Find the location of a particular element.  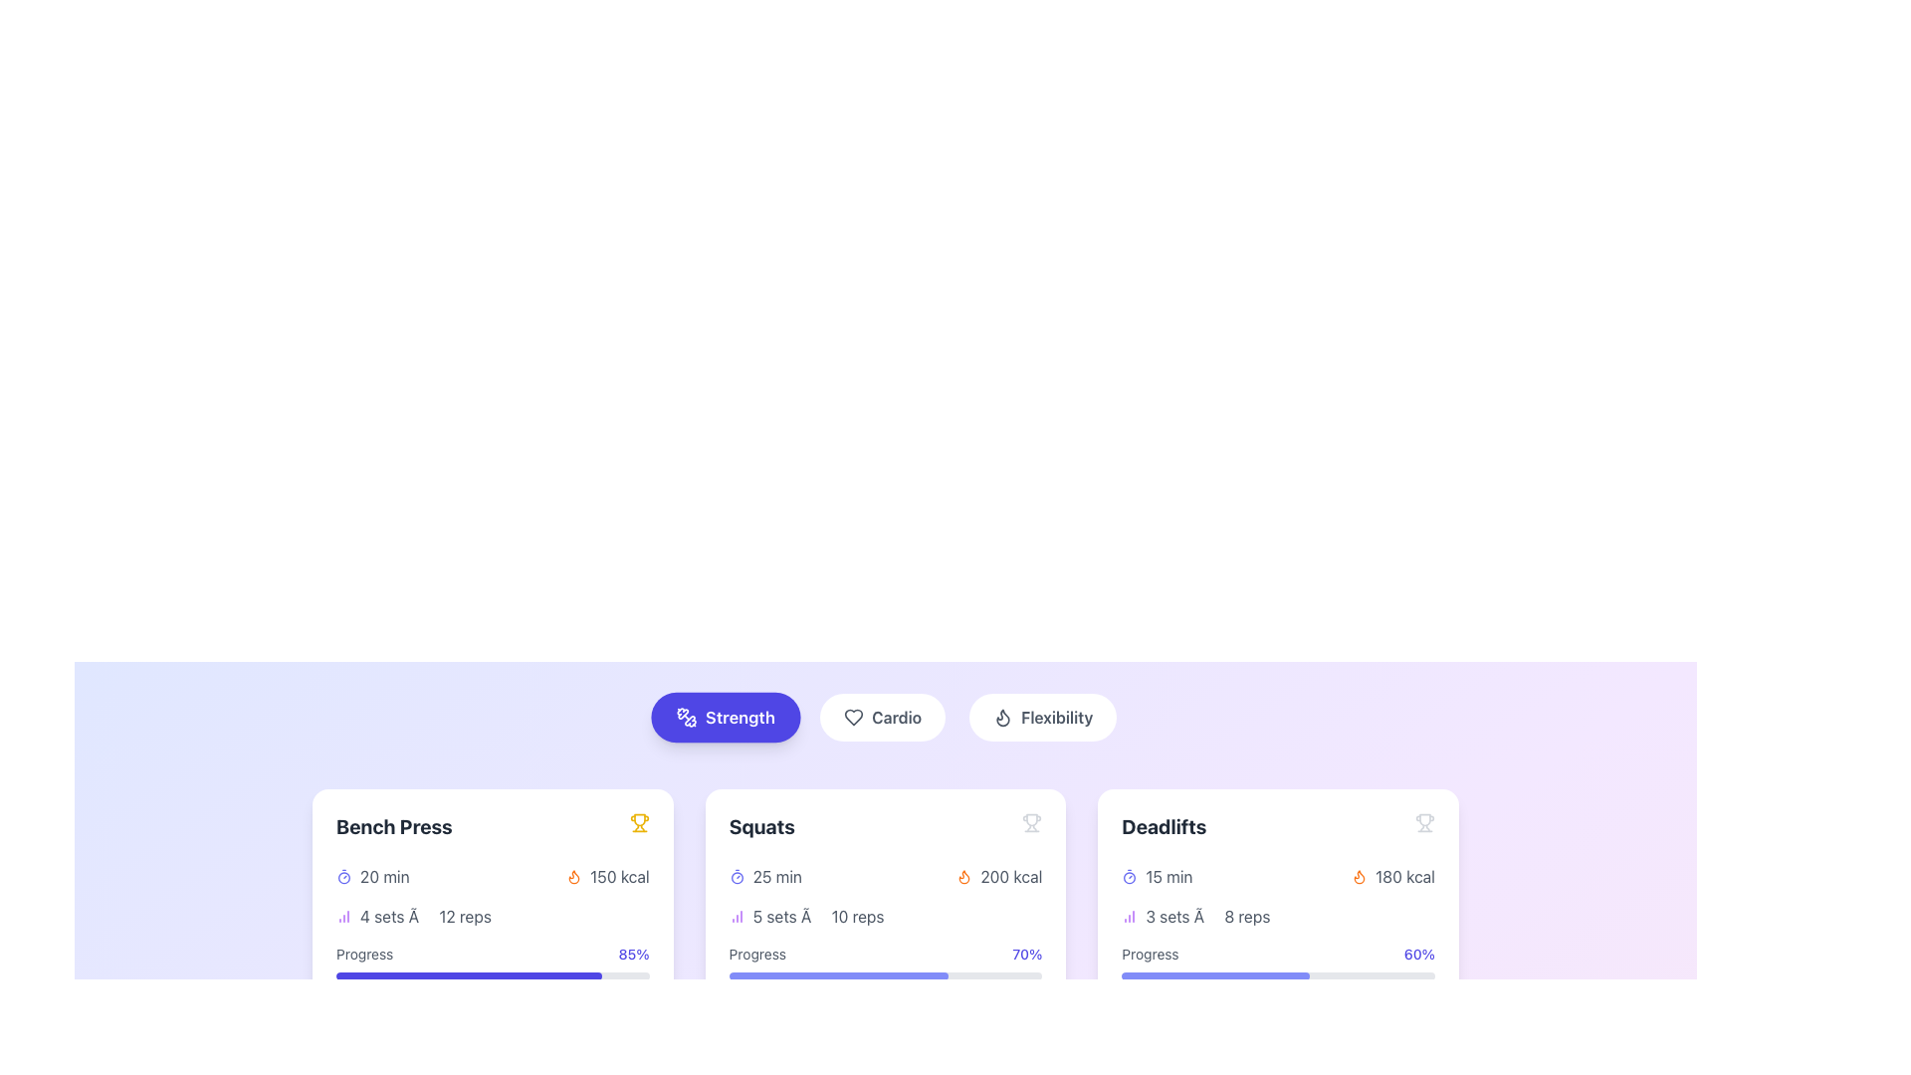

value displayed in the text label showing '70%' next to the 'Progress' indicator in the Squats card is located at coordinates (1027, 954).